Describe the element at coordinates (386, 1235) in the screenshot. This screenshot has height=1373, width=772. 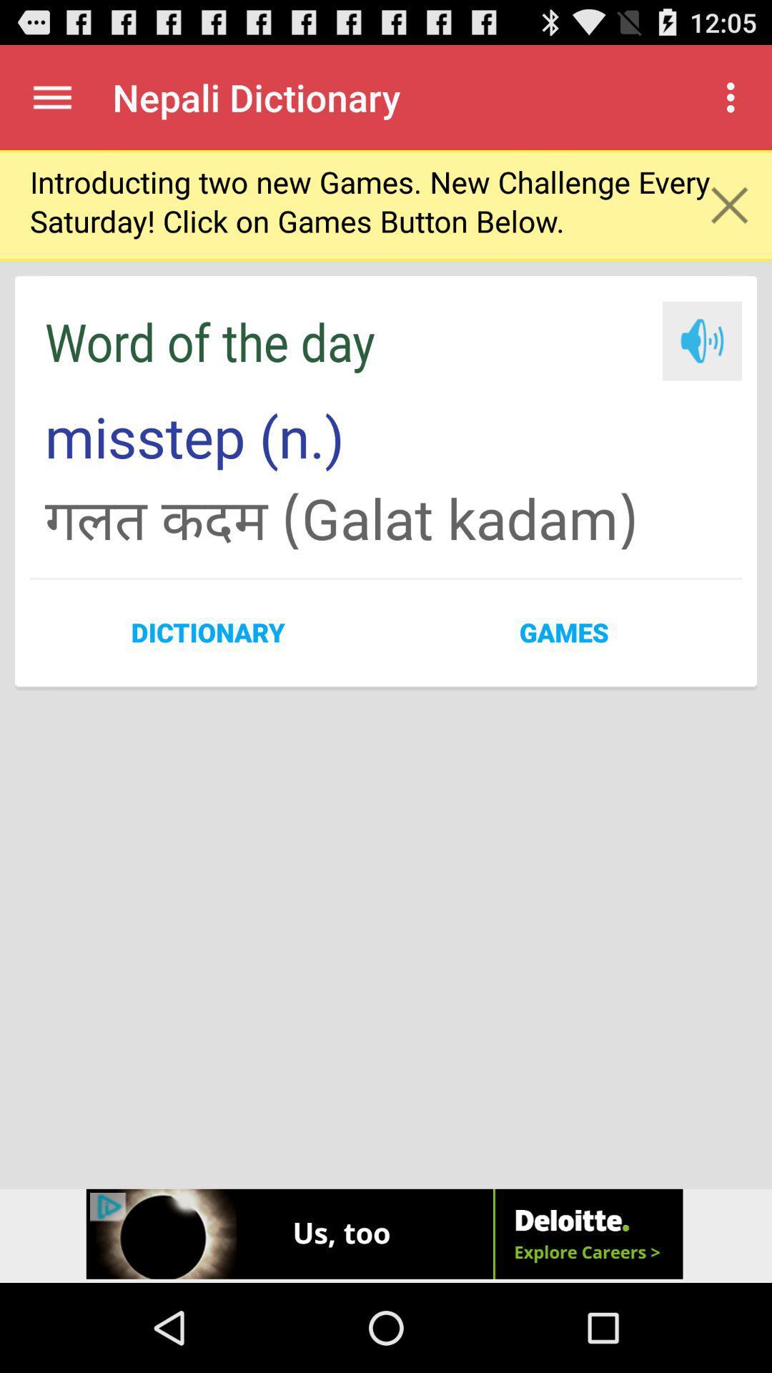
I see `icon at the bottom` at that location.